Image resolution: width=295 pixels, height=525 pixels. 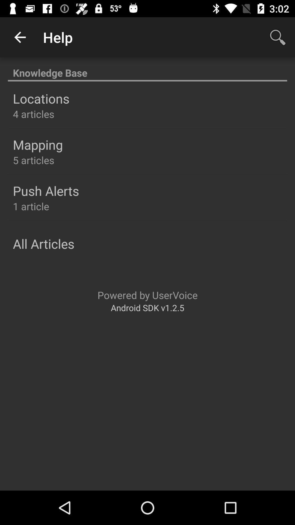 What do you see at coordinates (43, 243) in the screenshot?
I see `all articles` at bounding box center [43, 243].